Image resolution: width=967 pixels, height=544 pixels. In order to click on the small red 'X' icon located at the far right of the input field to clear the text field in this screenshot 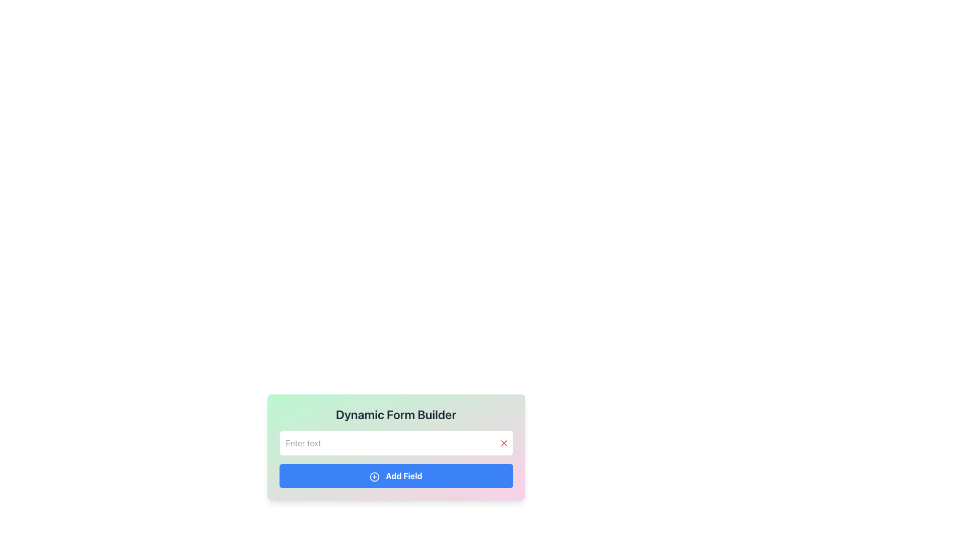, I will do `click(504, 442)`.